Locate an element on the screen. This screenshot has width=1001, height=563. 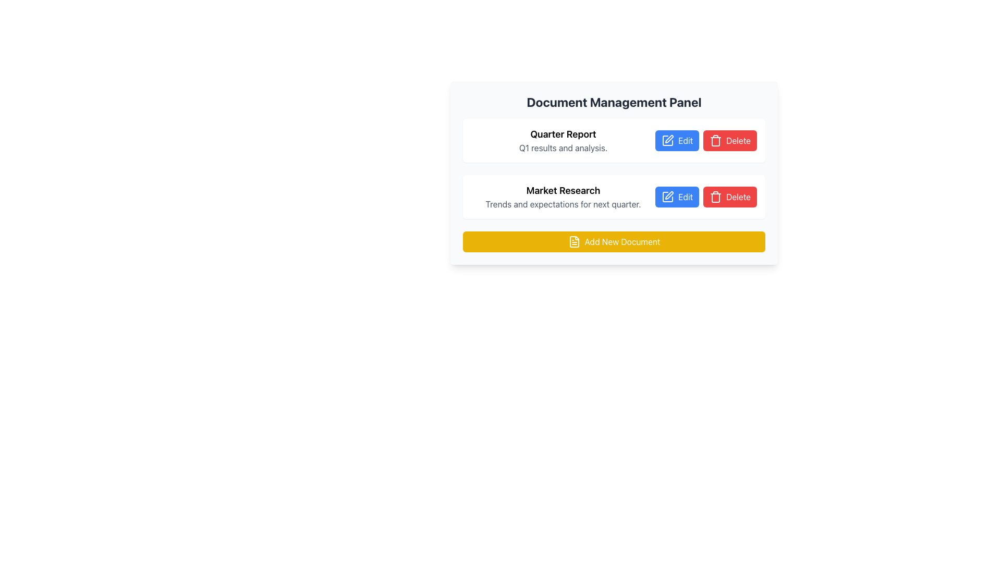
the text block labeled 'Market Research' which contains two lines of text, with the first being bold and larger, and the second being lighter and smaller, located in the 'Document Management Panel' is located at coordinates (563, 197).